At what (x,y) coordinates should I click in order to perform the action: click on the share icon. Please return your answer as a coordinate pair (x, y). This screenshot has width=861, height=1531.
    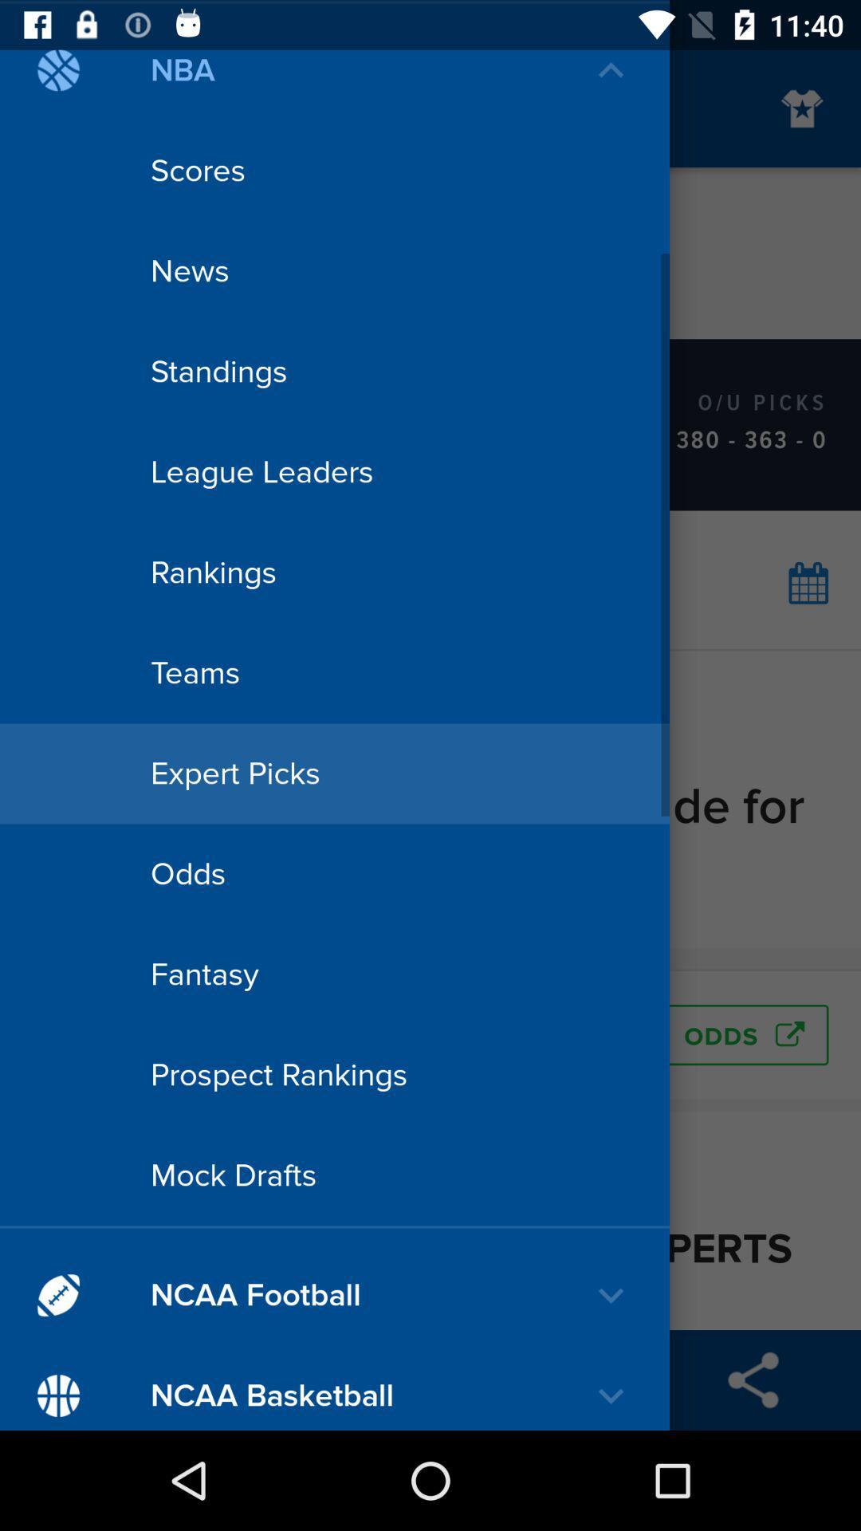
    Looking at the image, I should click on (753, 1379).